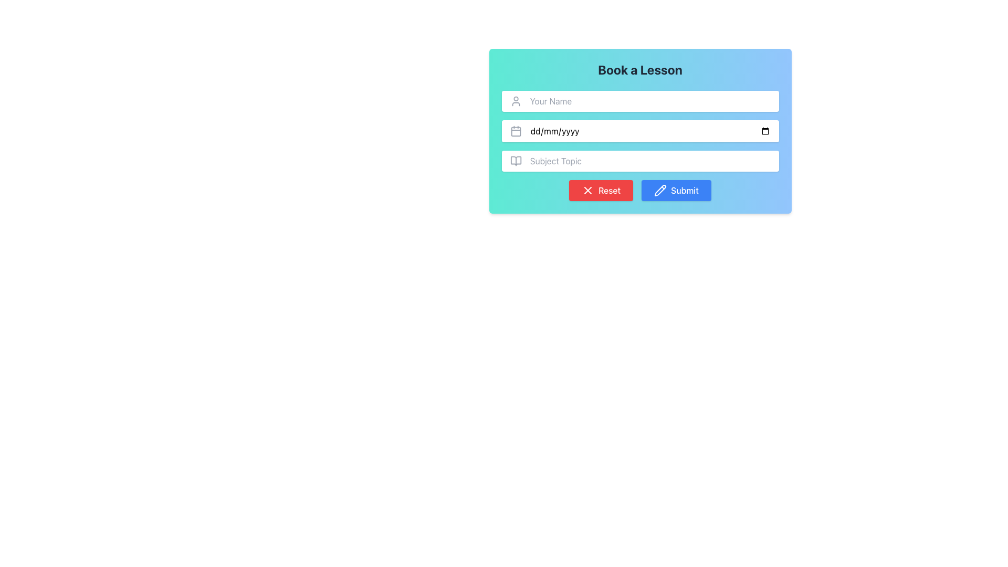  What do you see at coordinates (676, 190) in the screenshot?
I see `the blue 'Submit' button with rounded corners that has a pencil icon` at bounding box center [676, 190].